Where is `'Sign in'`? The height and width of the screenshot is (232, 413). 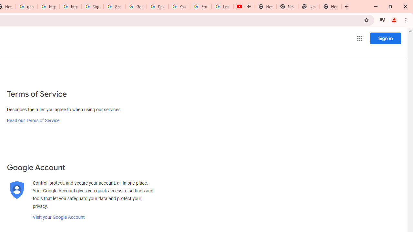
'Sign in' is located at coordinates (385, 38).